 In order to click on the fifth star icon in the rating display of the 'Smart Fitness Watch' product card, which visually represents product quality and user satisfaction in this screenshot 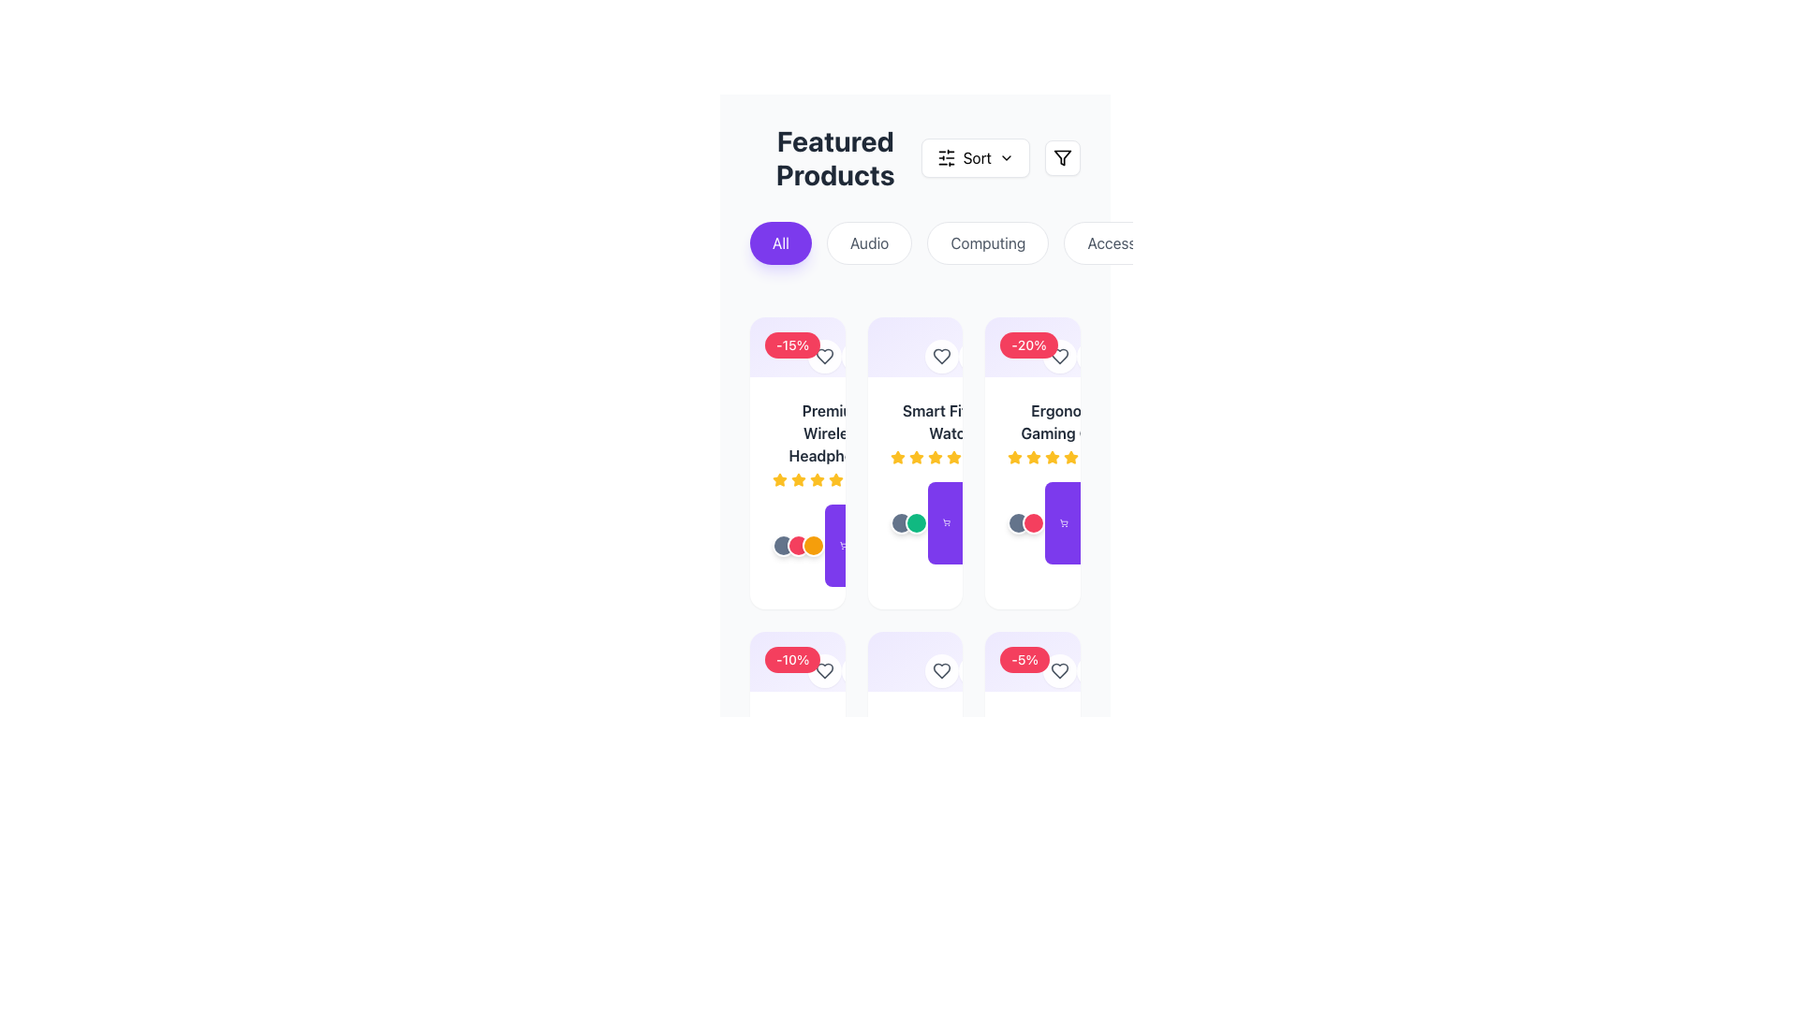, I will do `click(935, 458)`.